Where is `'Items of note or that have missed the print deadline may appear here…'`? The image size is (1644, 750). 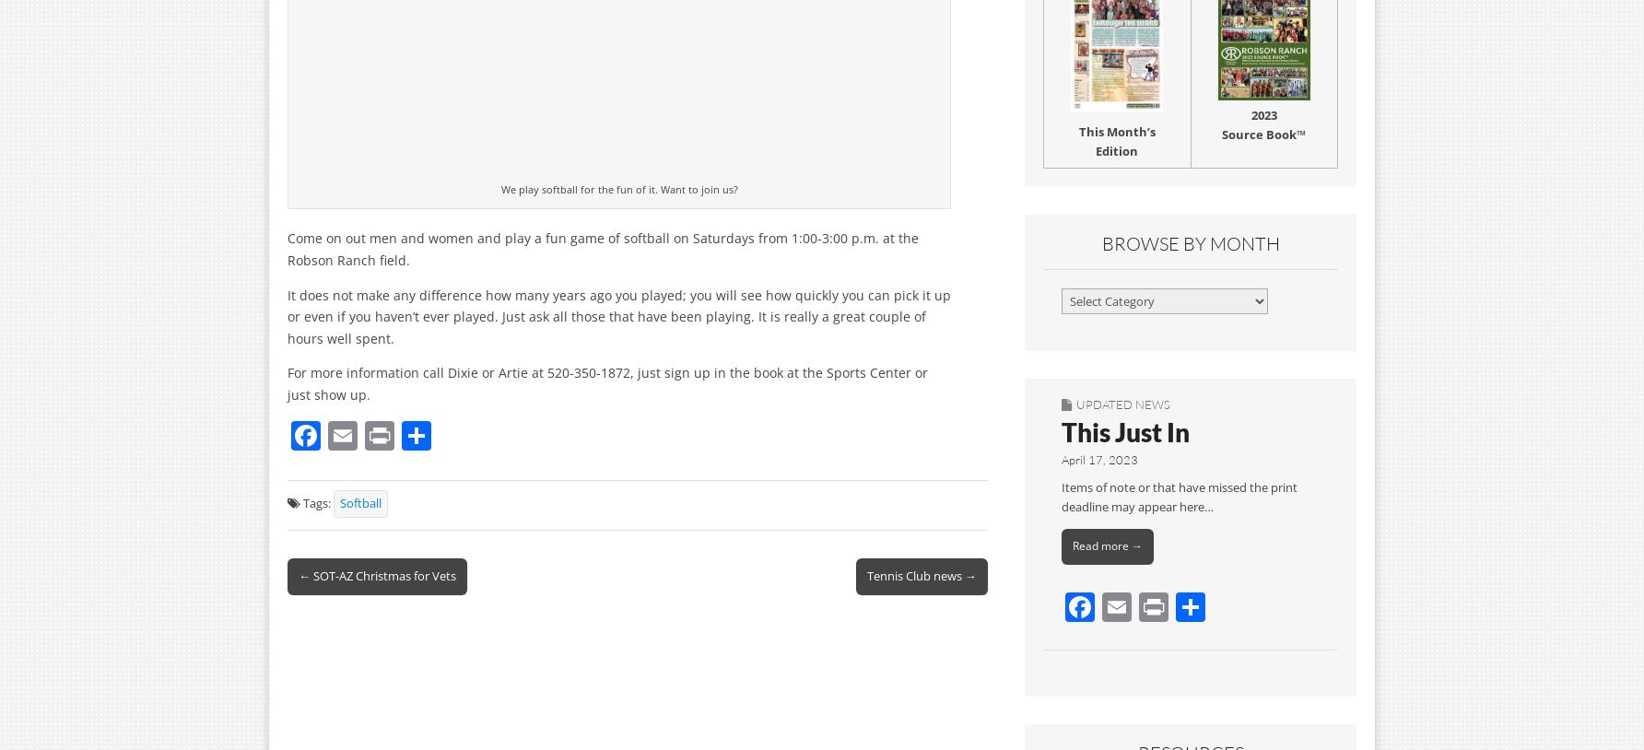
'Items of note or that have missed the print deadline may appear here…' is located at coordinates (1179, 497).